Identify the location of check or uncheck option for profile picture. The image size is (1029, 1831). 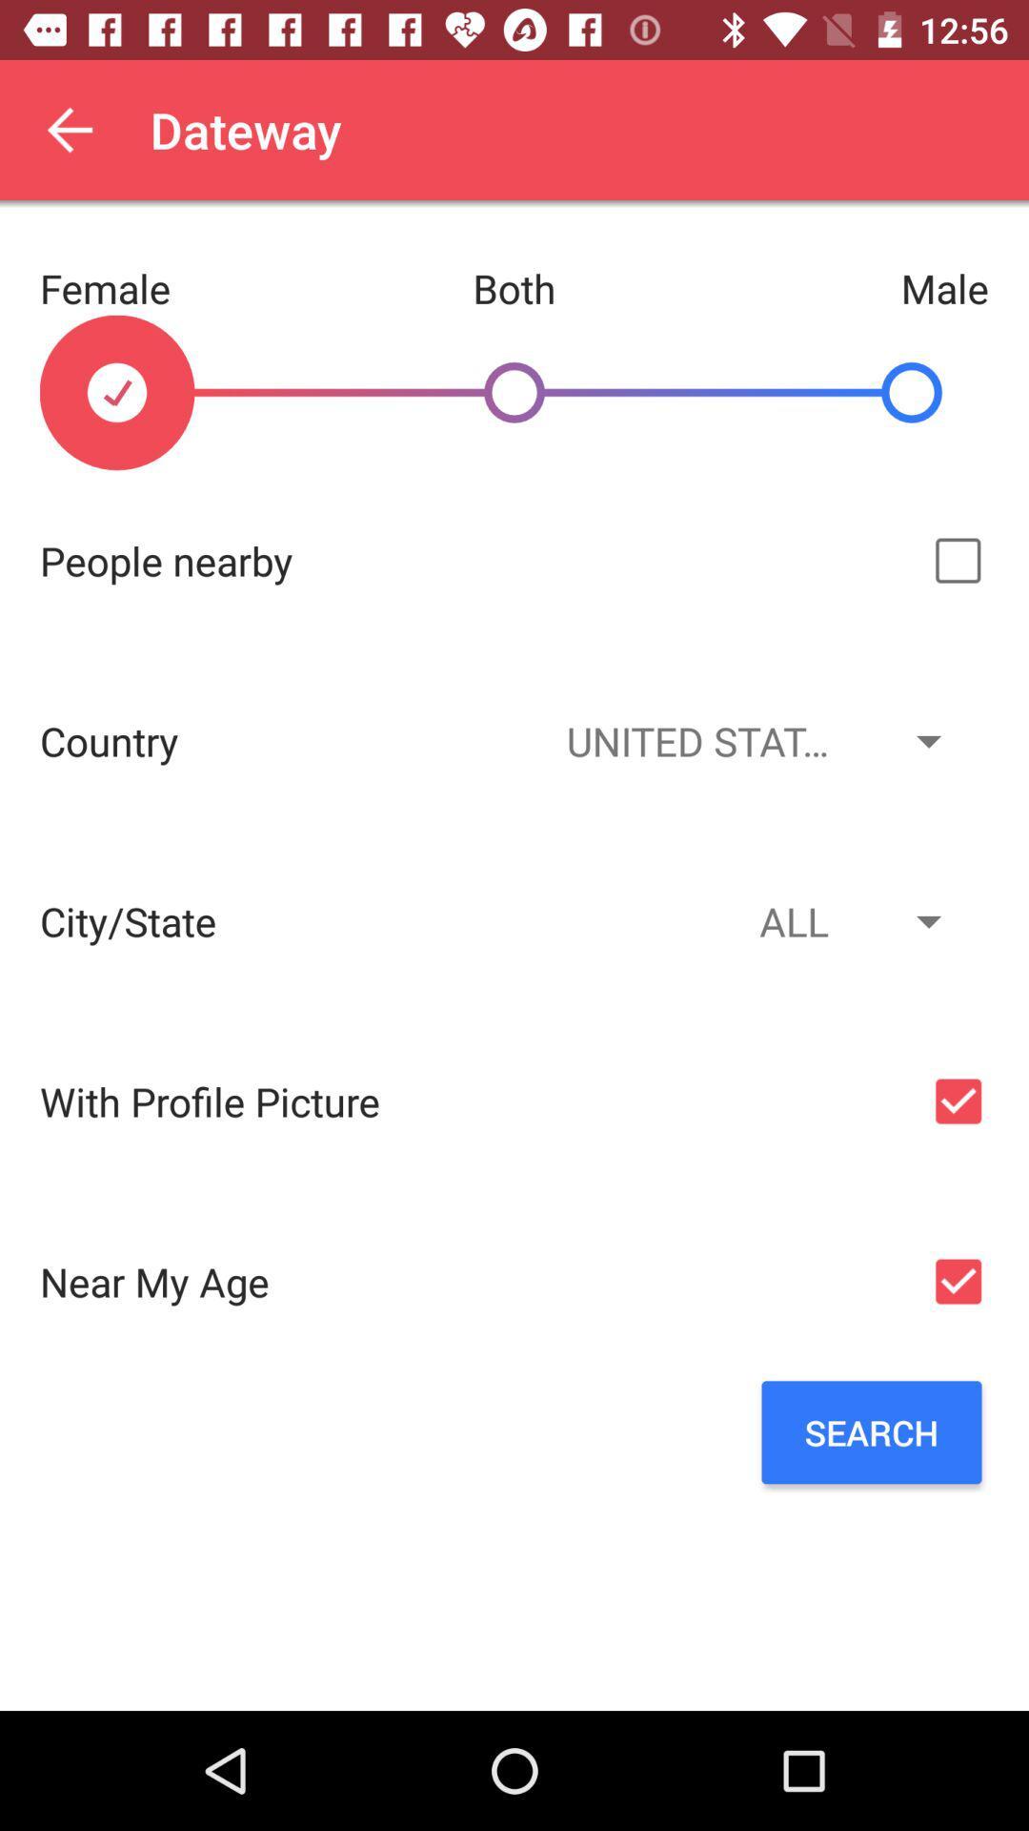
(958, 1101).